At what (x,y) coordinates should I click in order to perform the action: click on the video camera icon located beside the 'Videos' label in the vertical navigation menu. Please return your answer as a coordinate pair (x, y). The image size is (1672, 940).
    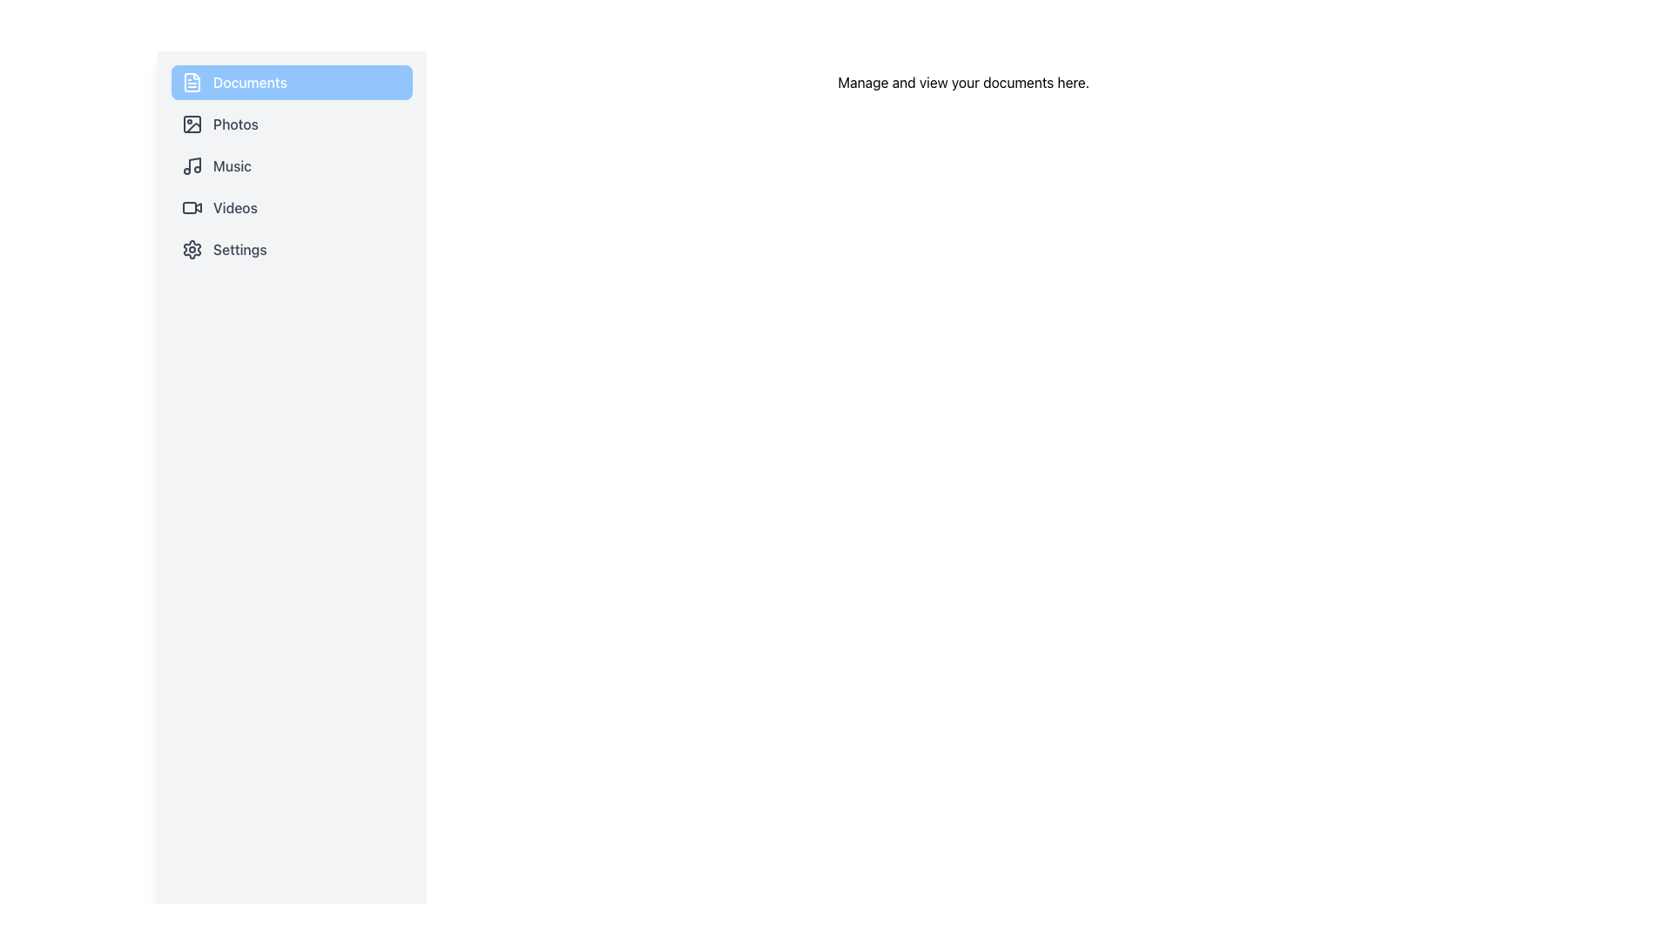
    Looking at the image, I should click on (192, 207).